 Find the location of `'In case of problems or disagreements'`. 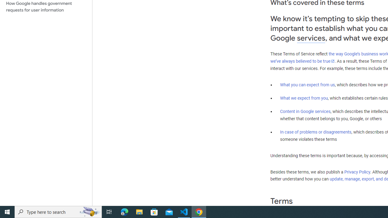

'In case of problems or disagreements' is located at coordinates (315, 131).